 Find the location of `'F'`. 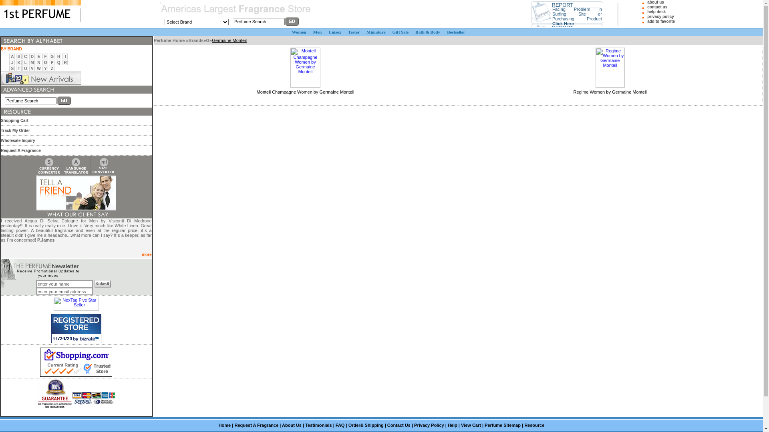

'F' is located at coordinates (45, 56).